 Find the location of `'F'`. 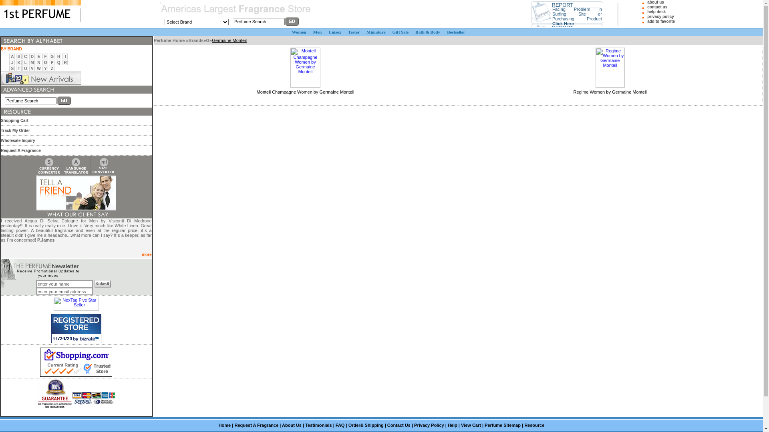

'F' is located at coordinates (45, 56).